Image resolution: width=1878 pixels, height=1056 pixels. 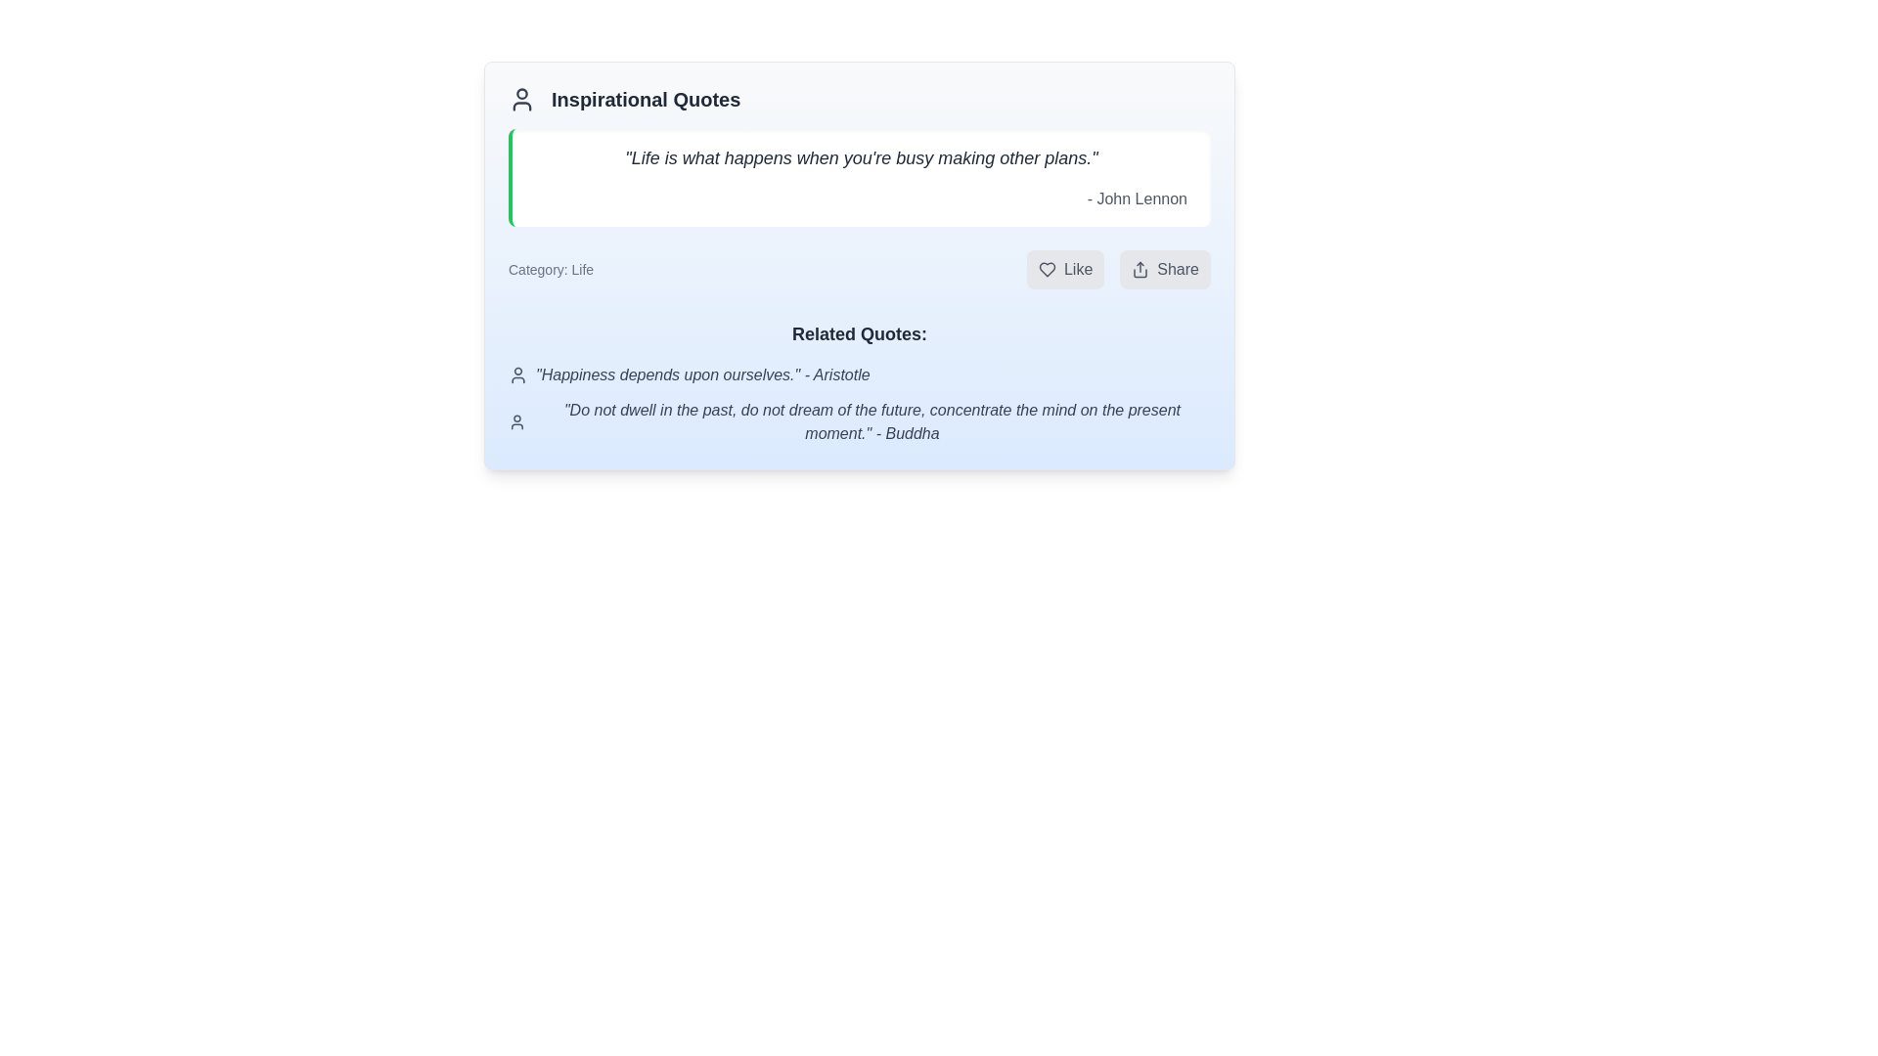 I want to click on the static text label or heading that introduces the content related to 'Inspirational Quotes', so click(x=646, y=99).